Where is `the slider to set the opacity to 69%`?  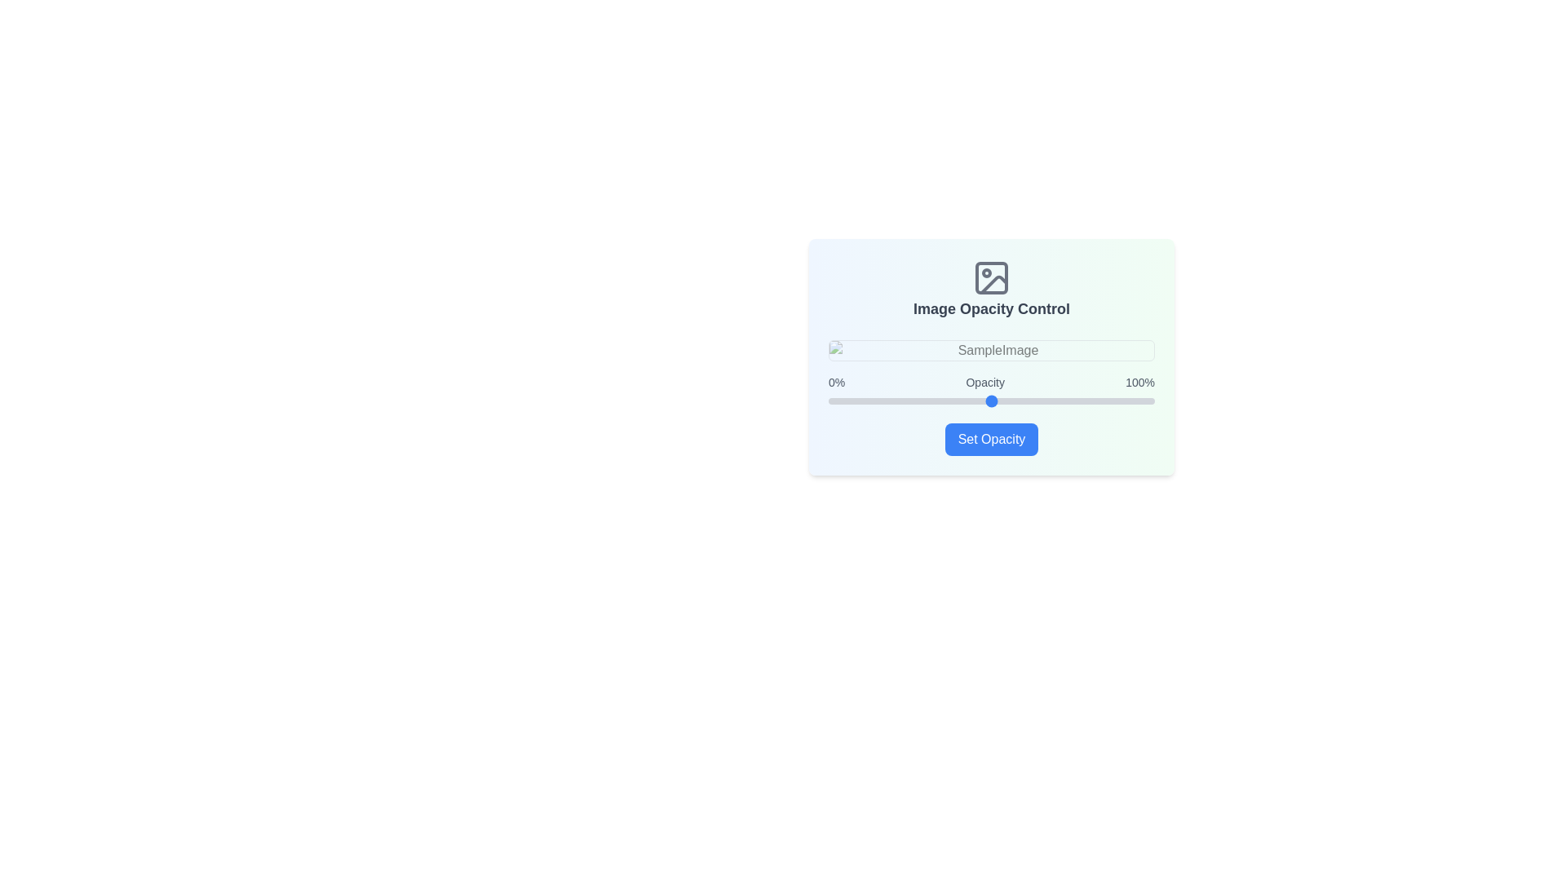
the slider to set the opacity to 69% is located at coordinates (1053, 401).